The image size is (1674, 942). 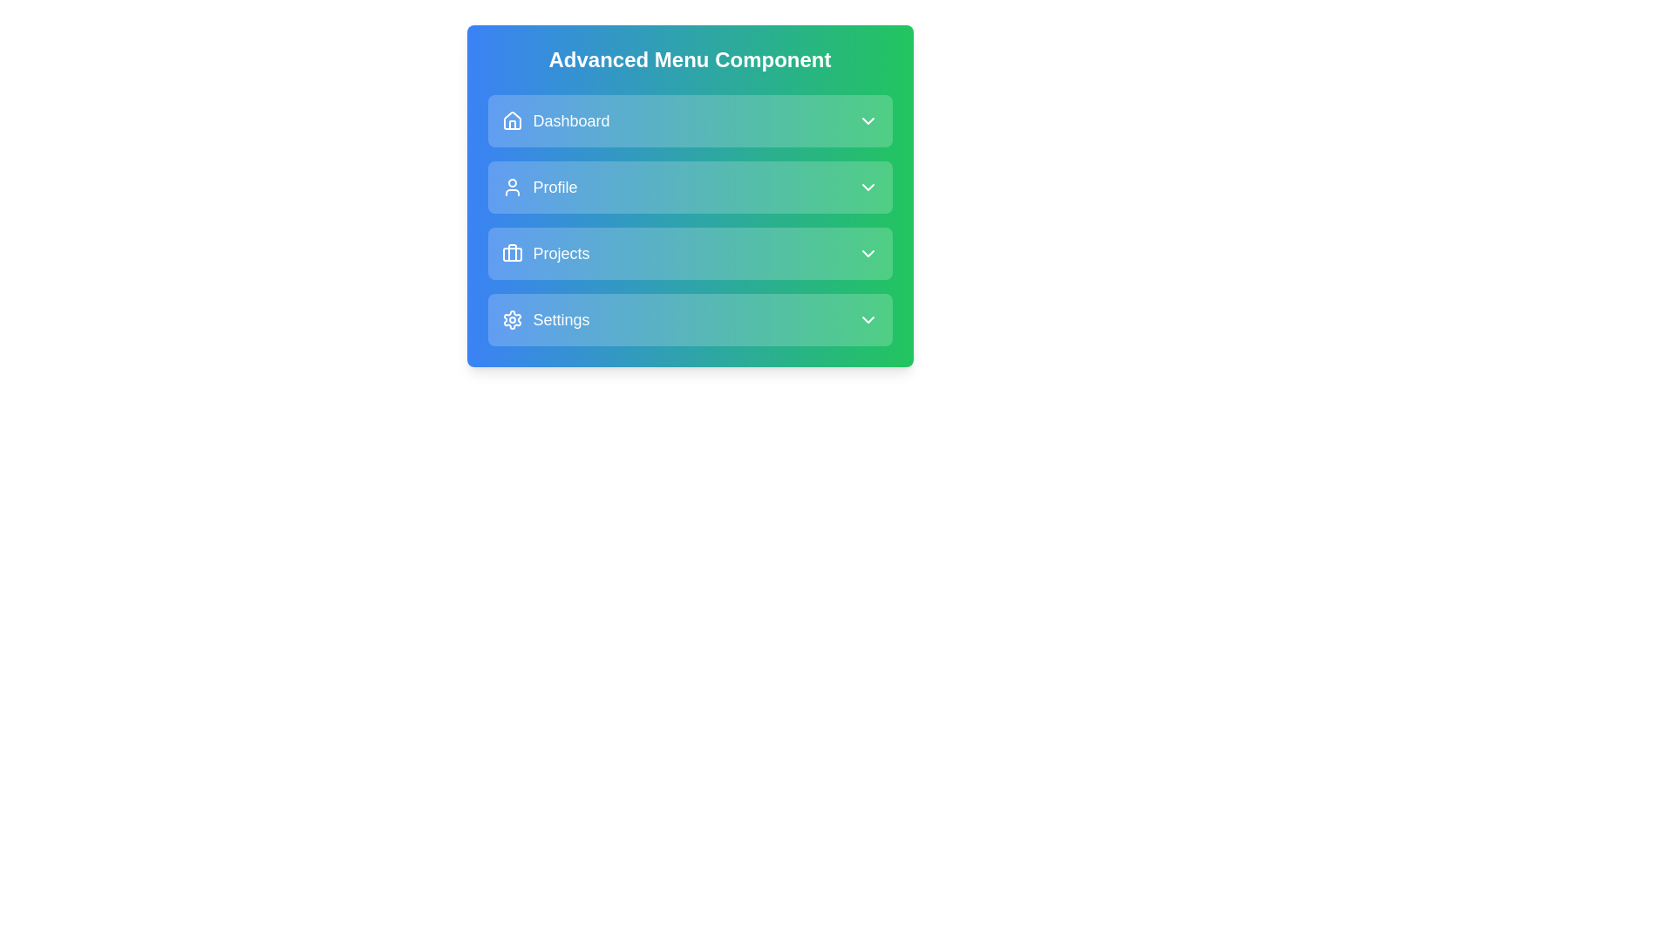 What do you see at coordinates (511, 319) in the screenshot?
I see `the 'Settings' icon located at the left end of the 'Settings' menu item` at bounding box center [511, 319].